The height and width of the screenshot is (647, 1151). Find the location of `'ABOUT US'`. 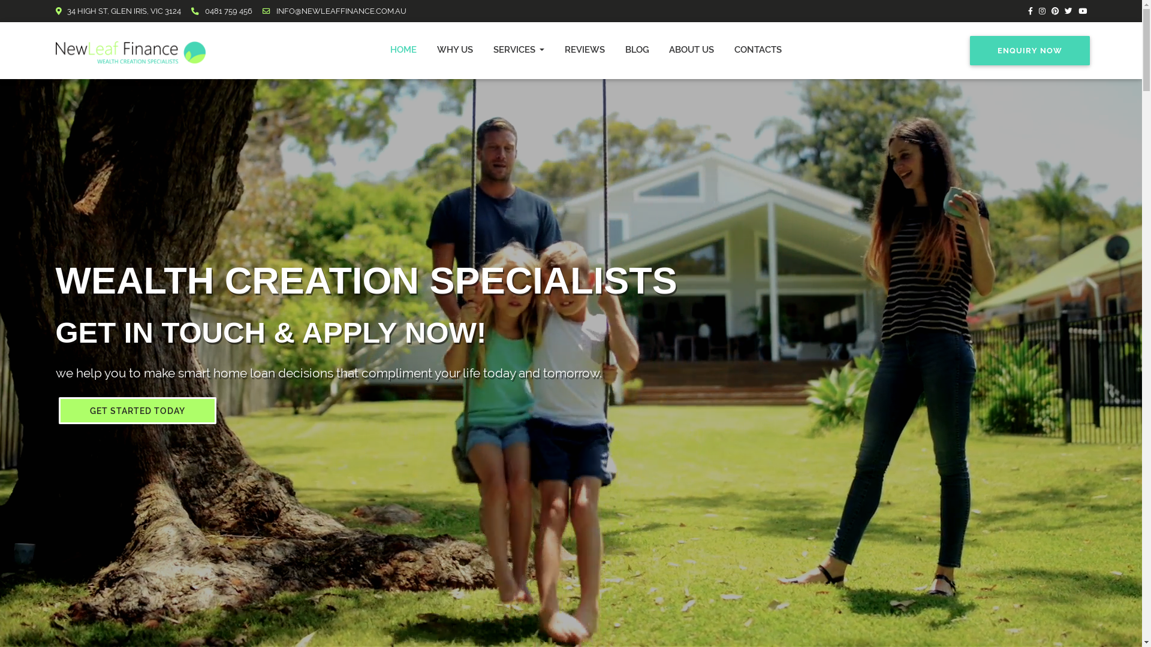

'ABOUT US' is located at coordinates (691, 50).